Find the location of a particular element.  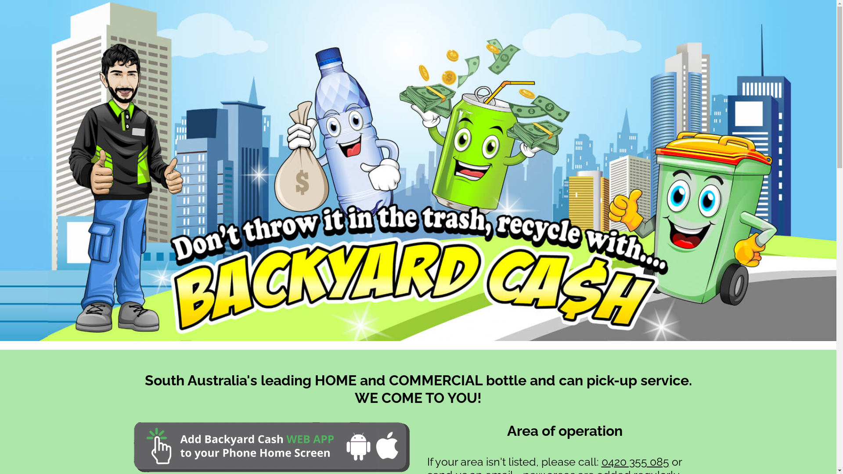

'0420 355 085' is located at coordinates (635, 461).